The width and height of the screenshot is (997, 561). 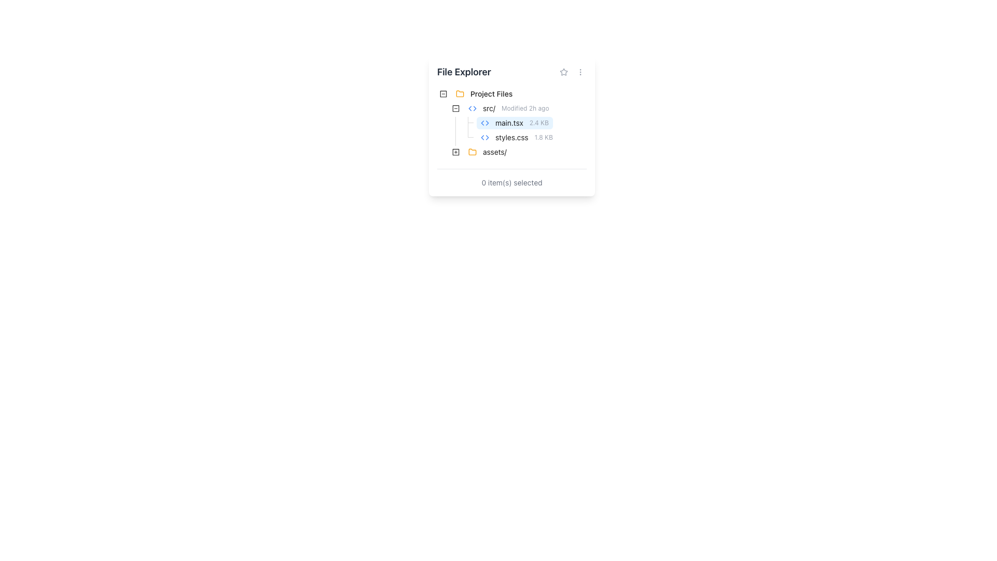 I want to click on the 'Project Files' folder in the file explorer tree structure, so click(x=488, y=94).